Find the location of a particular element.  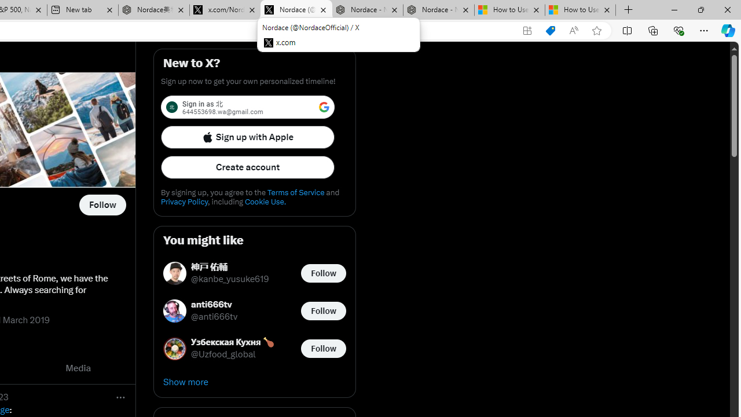

'@Uzfood_global' is located at coordinates (223, 354).